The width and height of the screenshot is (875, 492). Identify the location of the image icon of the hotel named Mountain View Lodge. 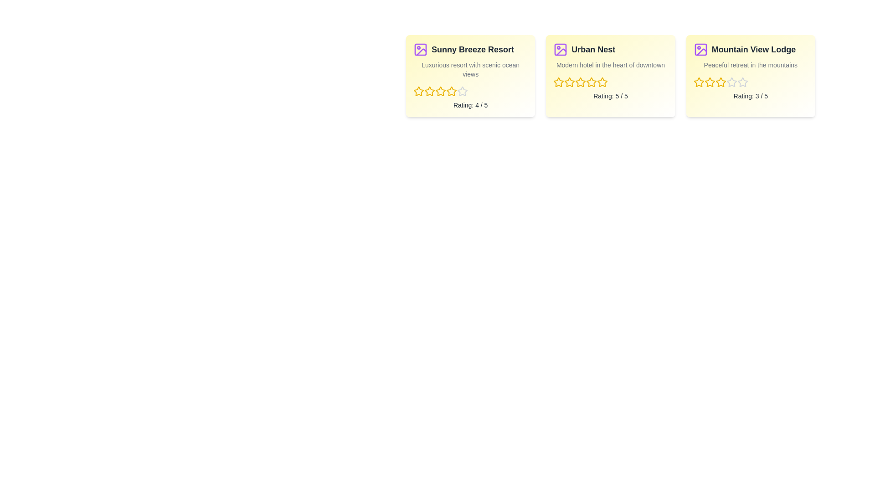
(700, 49).